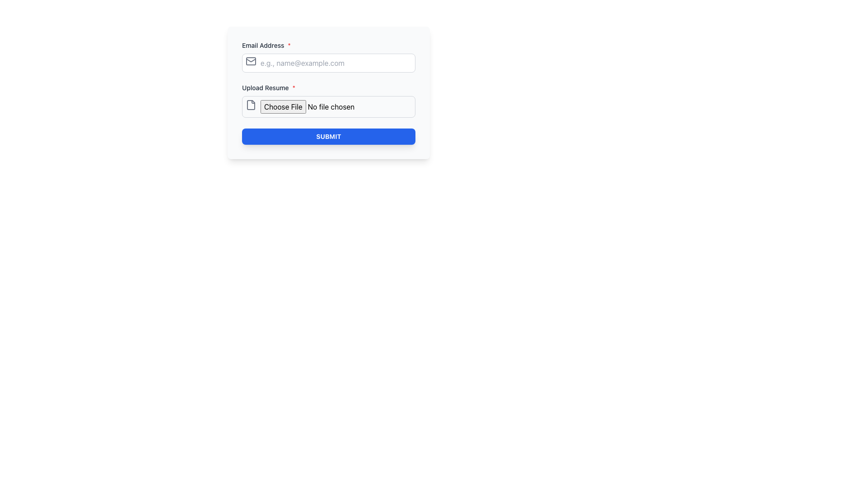 The height and width of the screenshot is (487, 867). What do you see at coordinates (328, 57) in the screenshot?
I see `the Labeled Input Field for 'Email Address*'` at bounding box center [328, 57].